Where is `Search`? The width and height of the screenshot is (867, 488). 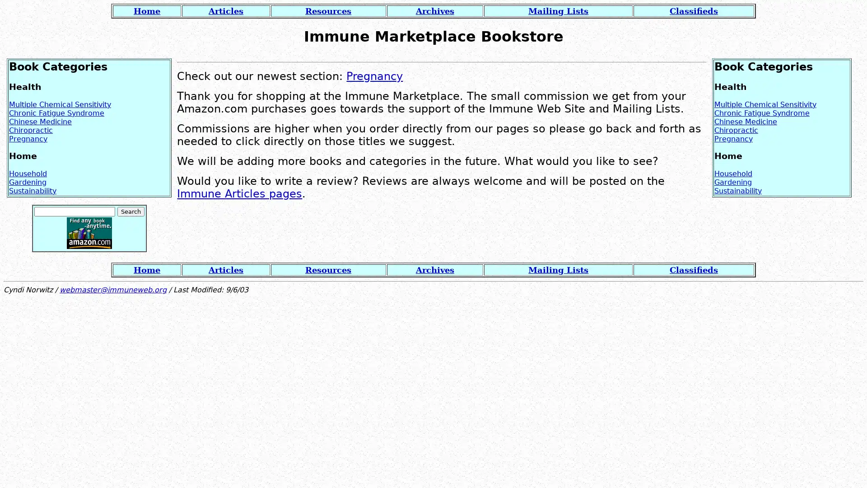
Search is located at coordinates (130, 211).